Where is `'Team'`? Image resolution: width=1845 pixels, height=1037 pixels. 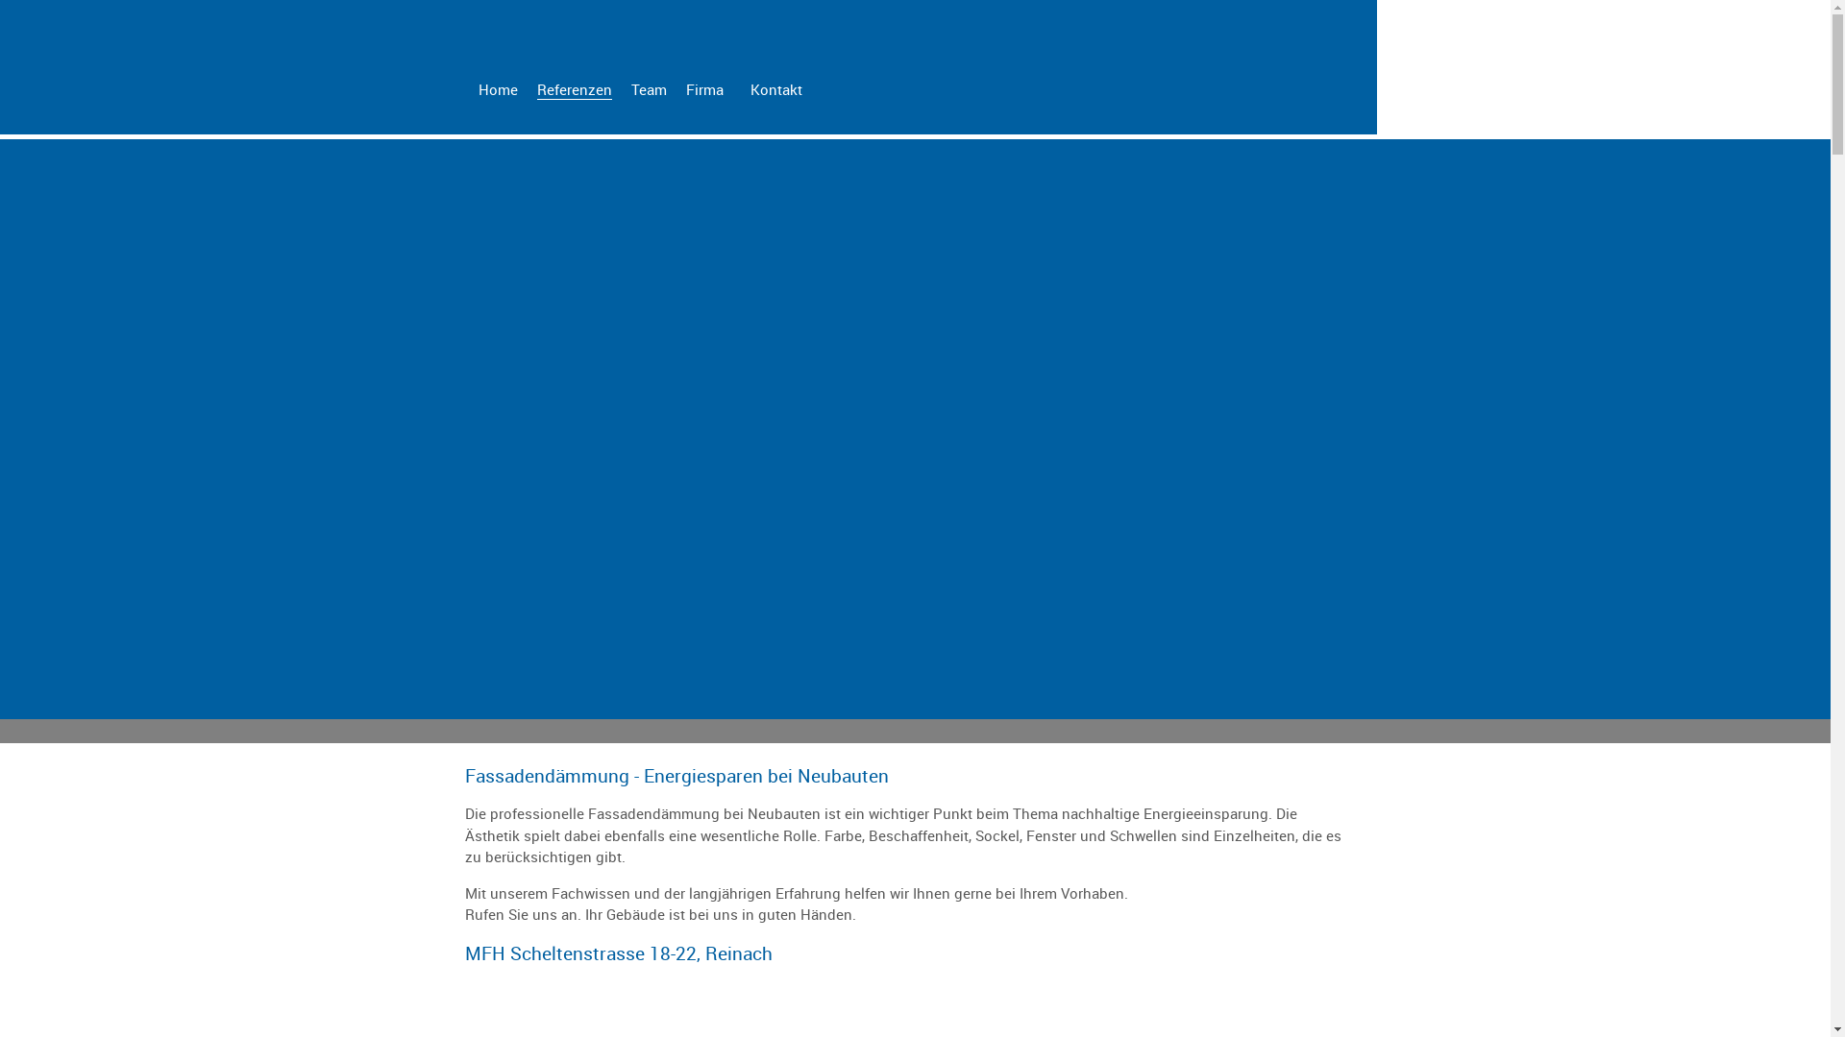 'Team' is located at coordinates (648, 88).